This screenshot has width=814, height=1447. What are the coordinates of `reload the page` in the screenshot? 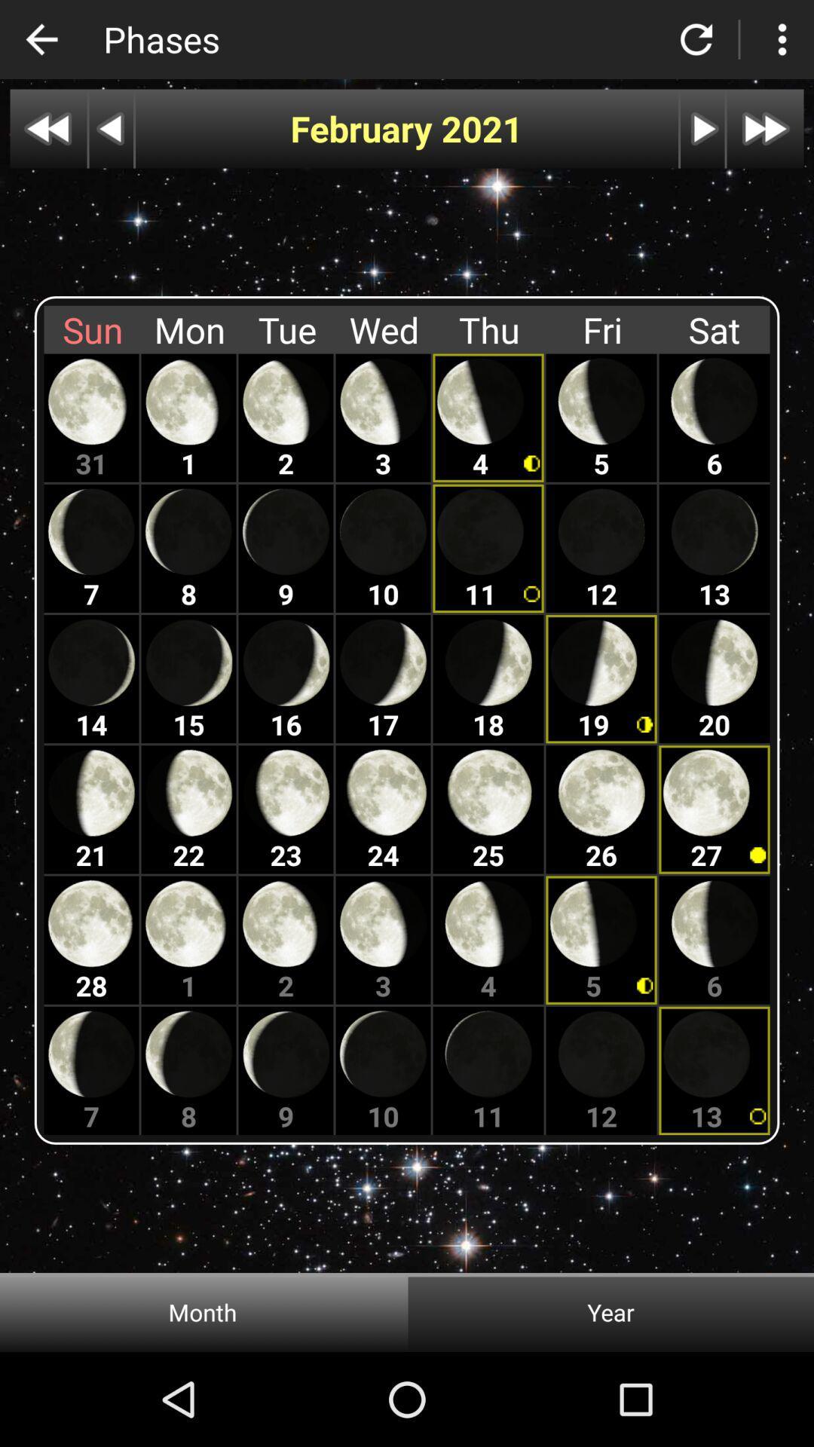 It's located at (696, 39).